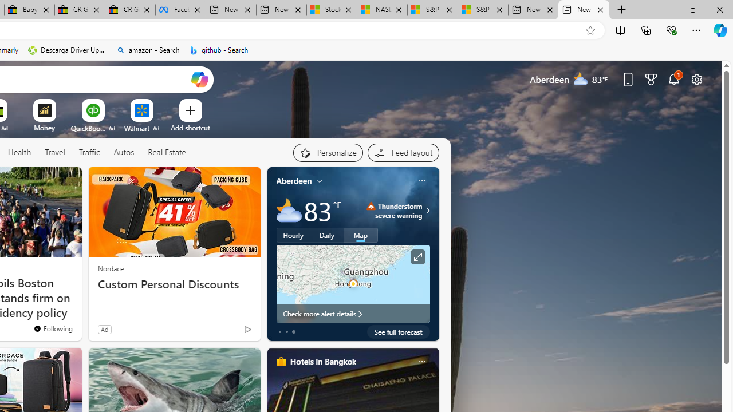  I want to click on 'Class: weather-arrow-glyph', so click(427, 210).